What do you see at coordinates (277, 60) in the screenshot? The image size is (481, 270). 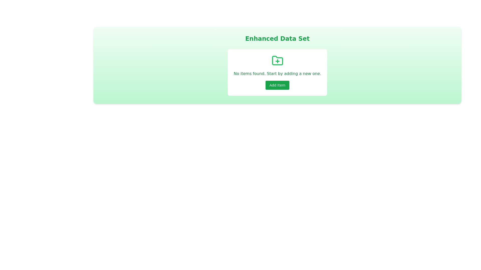 I see `the green folder icon with a plus sign, which is located at the center of the interface and represents addition or creation` at bounding box center [277, 60].